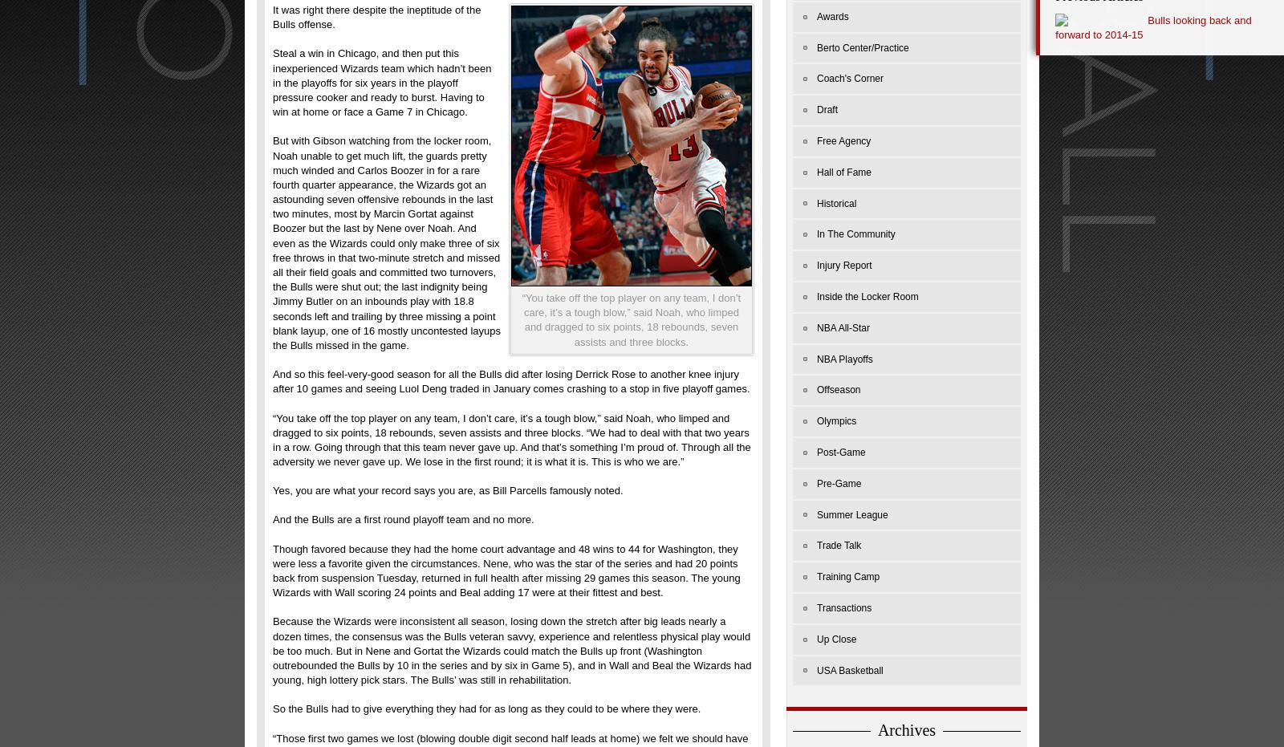  What do you see at coordinates (844, 172) in the screenshot?
I see `'Hall of Fame'` at bounding box center [844, 172].